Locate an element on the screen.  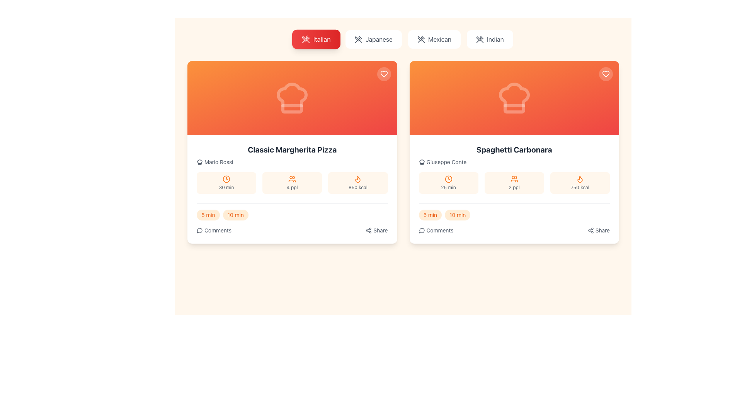
the small heart-shaped SVG icon located in the top-right corner of the second recipe card, which is styled with a semi-transparent white background is located at coordinates (384, 74).